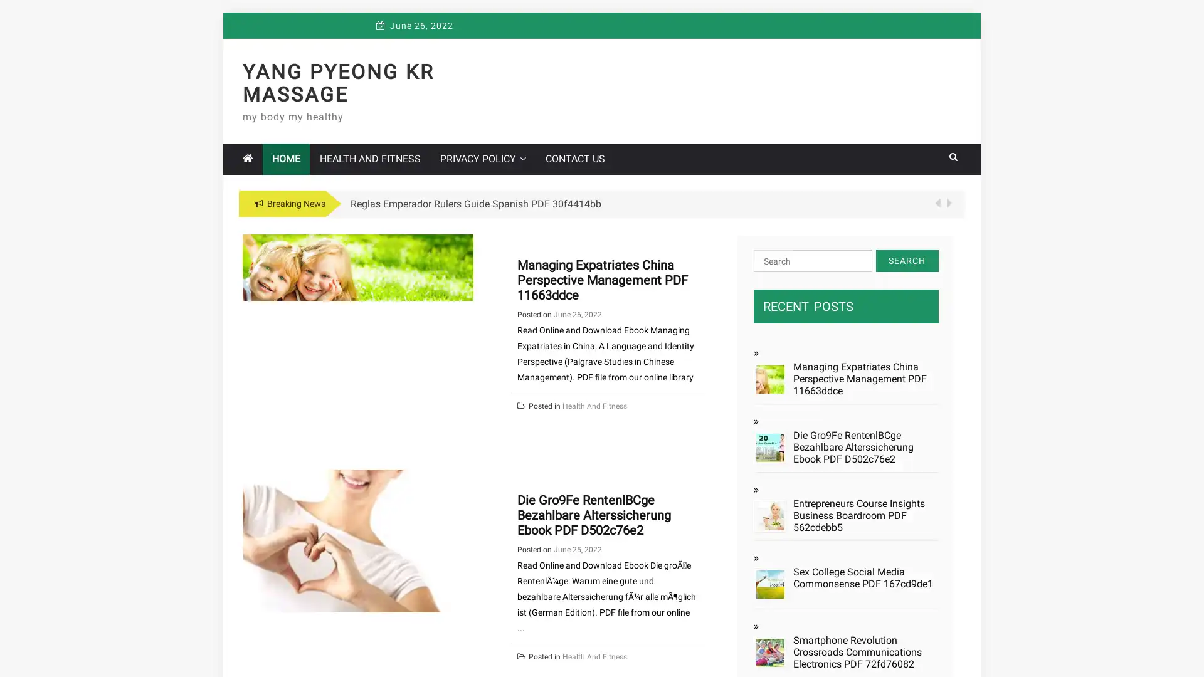  What do you see at coordinates (906, 260) in the screenshot?
I see `Search` at bounding box center [906, 260].